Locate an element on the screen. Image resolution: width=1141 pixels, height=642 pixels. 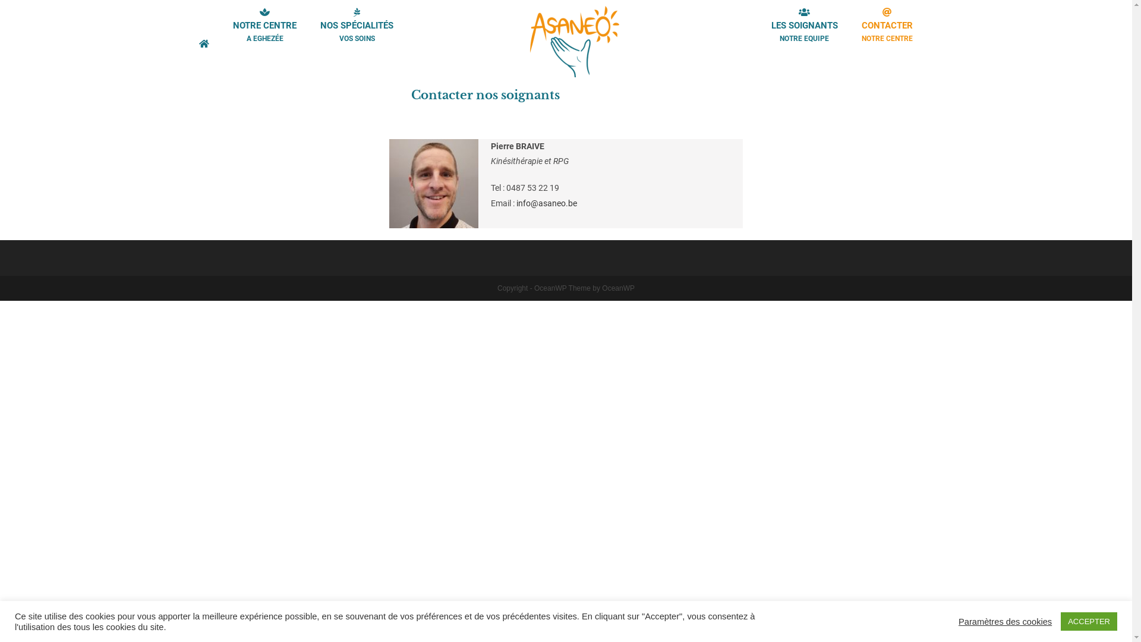
'info@asaneo.be' is located at coordinates (546, 203).